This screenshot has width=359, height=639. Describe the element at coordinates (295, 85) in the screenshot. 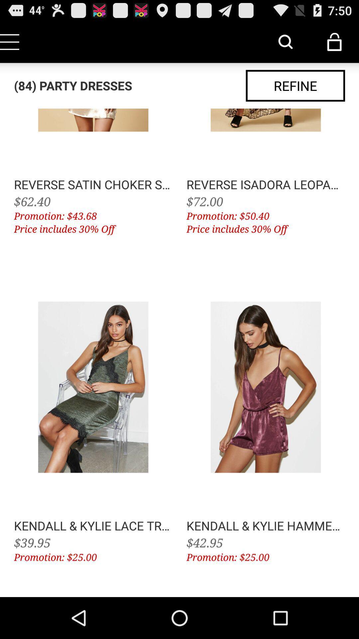

I see `item to the right of the (84) party dresses app` at that location.